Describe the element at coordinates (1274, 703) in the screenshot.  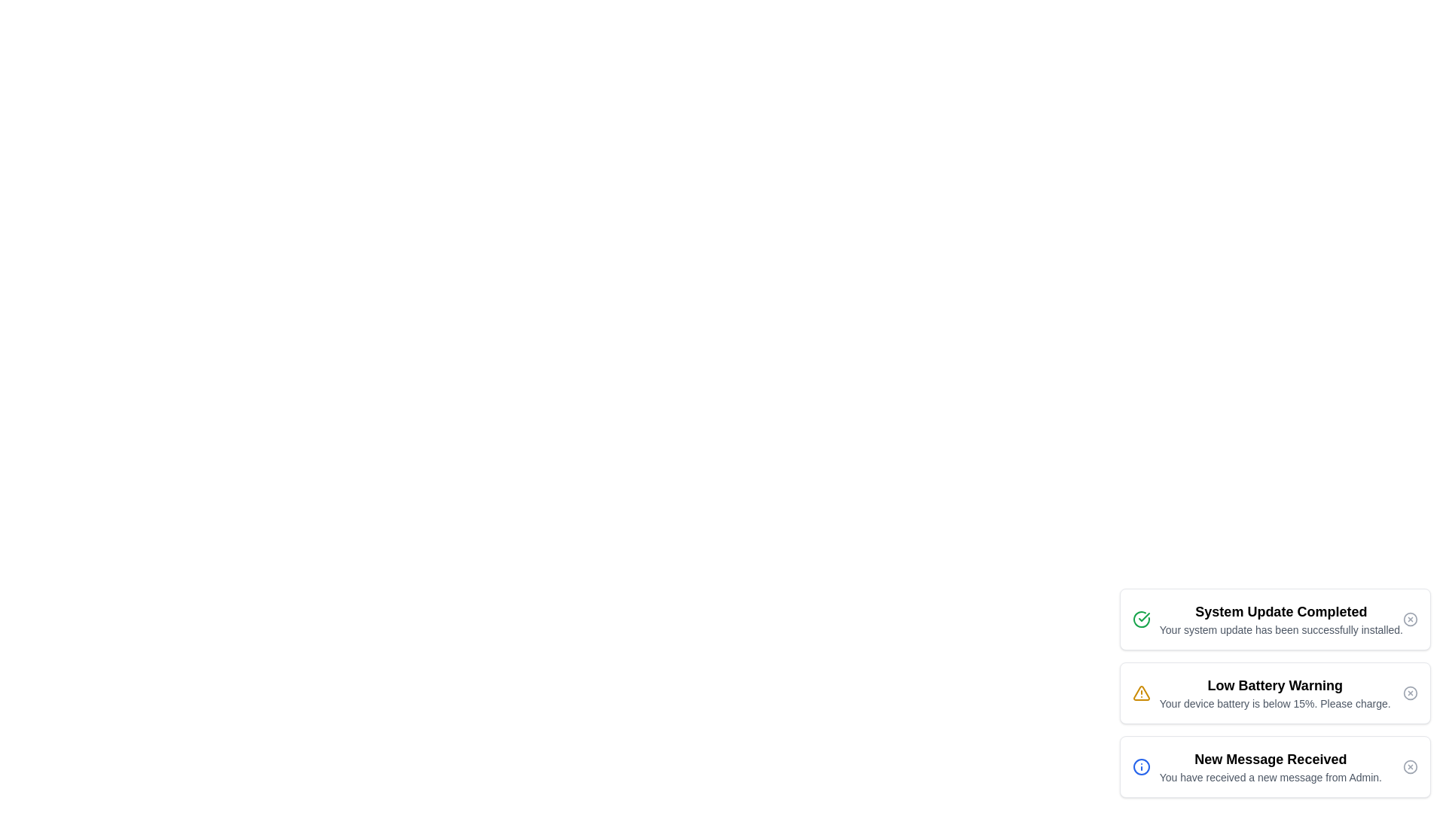
I see `the text element that displays the low battery warning, located between the title 'Low Battery Warning' and the notifications 'System Update Completed' and 'New Message Received'` at that location.